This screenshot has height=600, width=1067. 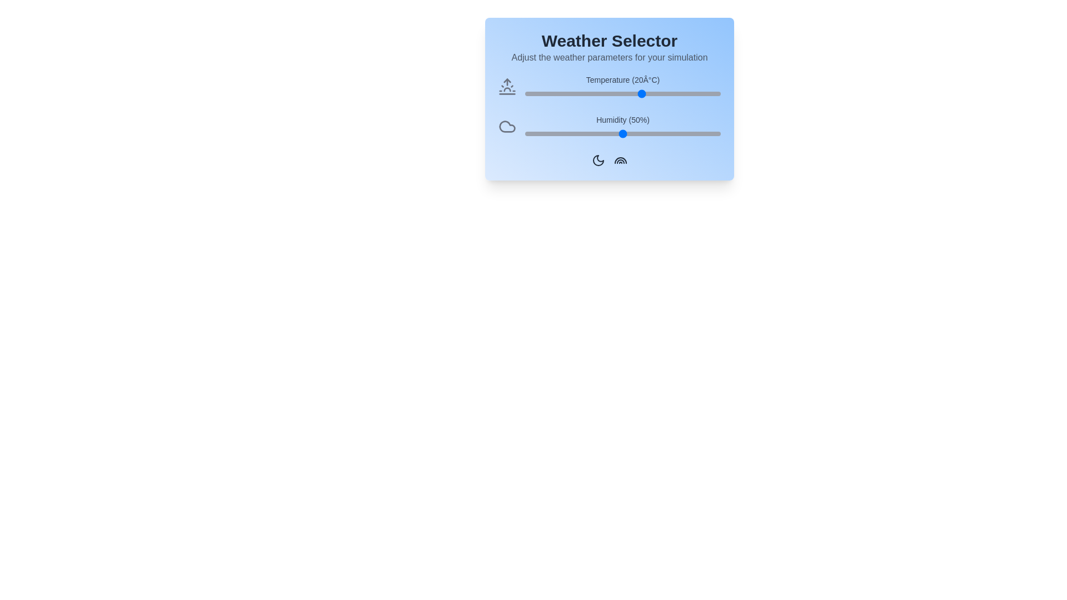 What do you see at coordinates (560, 93) in the screenshot?
I see `the temperature slider to -1 degrees Celsius` at bounding box center [560, 93].